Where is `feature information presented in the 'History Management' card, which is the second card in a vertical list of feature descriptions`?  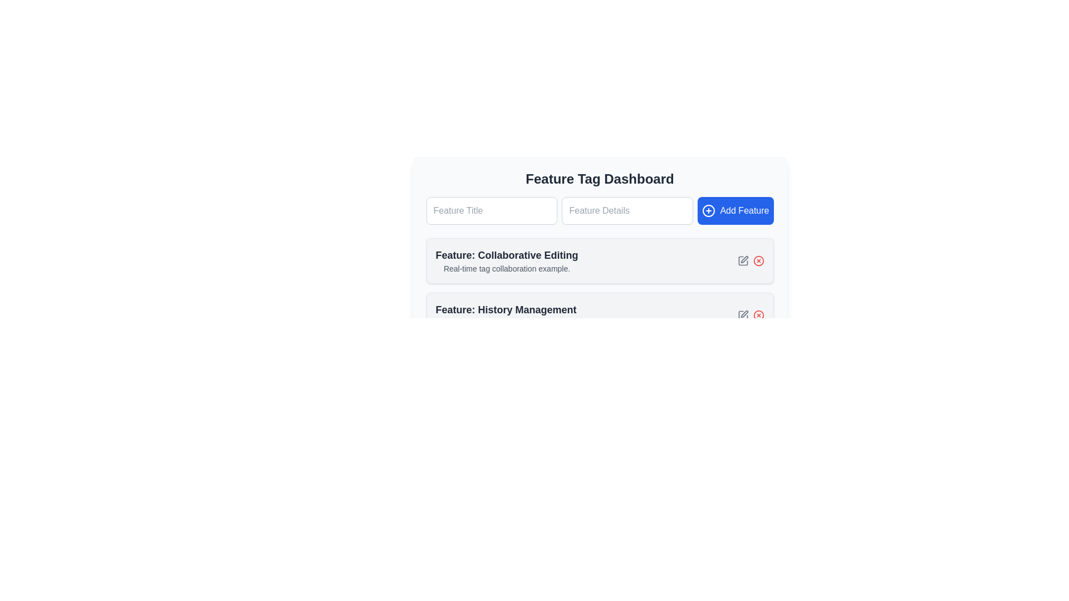 feature information presented in the 'History Management' card, which is the second card in a vertical list of feature descriptions is located at coordinates (599, 316).